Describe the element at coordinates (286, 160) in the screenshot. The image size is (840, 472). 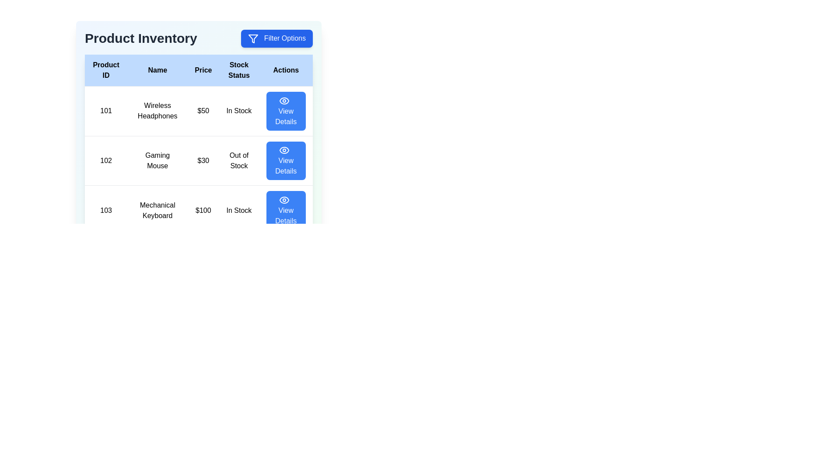
I see `the 'View Details' button for the product with ID 102` at that location.